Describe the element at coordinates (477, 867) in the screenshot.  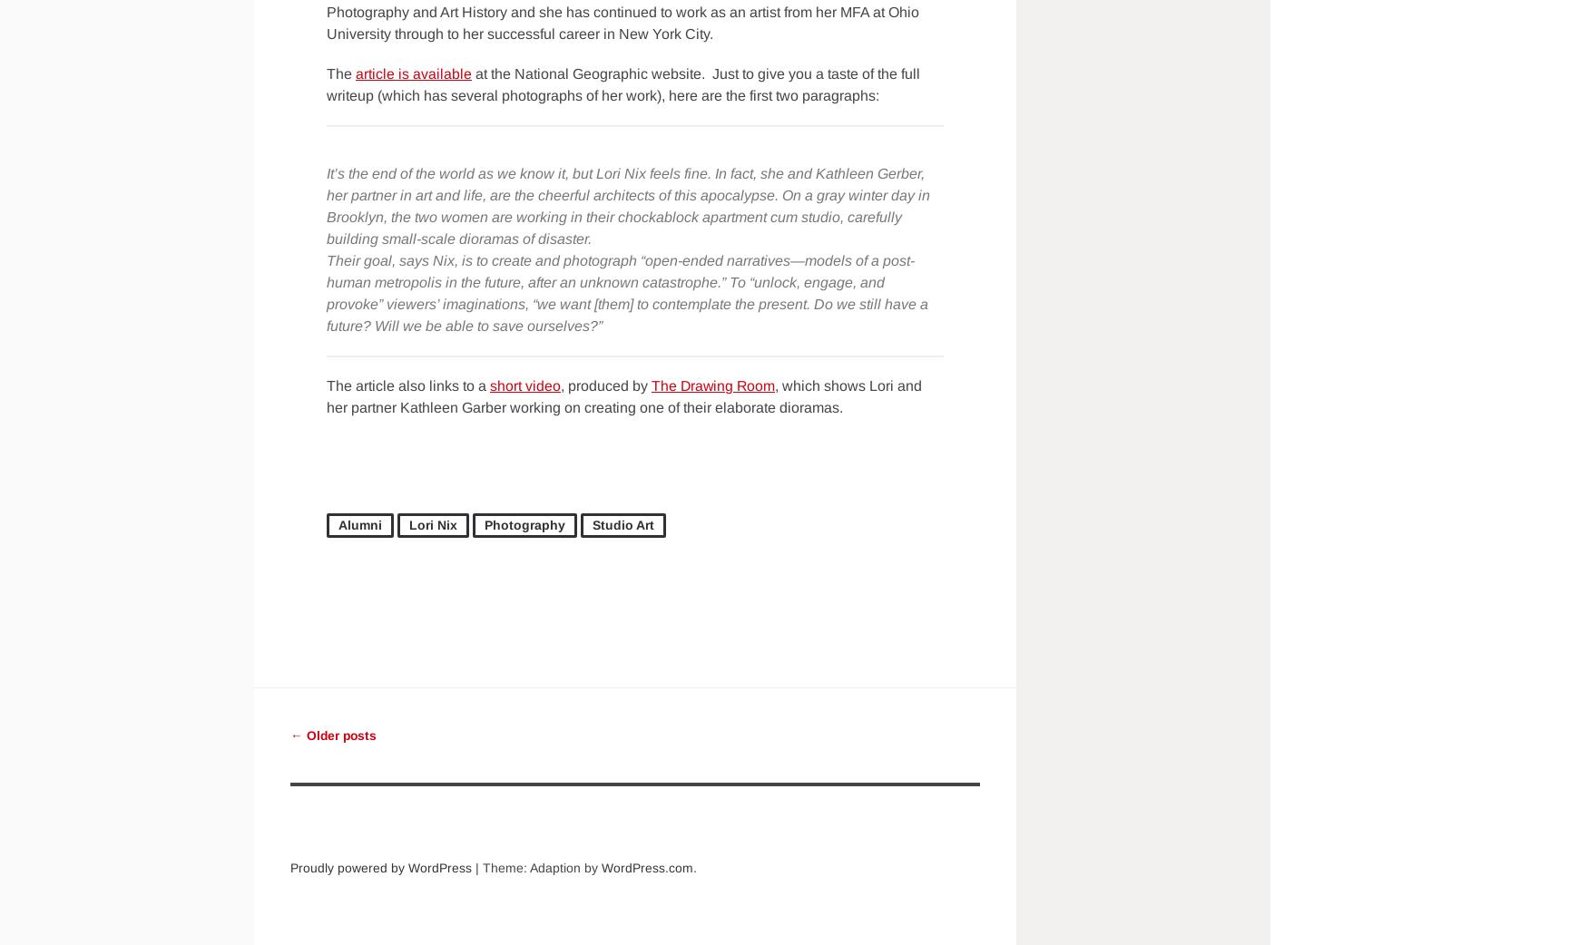
I see `'|'` at that location.